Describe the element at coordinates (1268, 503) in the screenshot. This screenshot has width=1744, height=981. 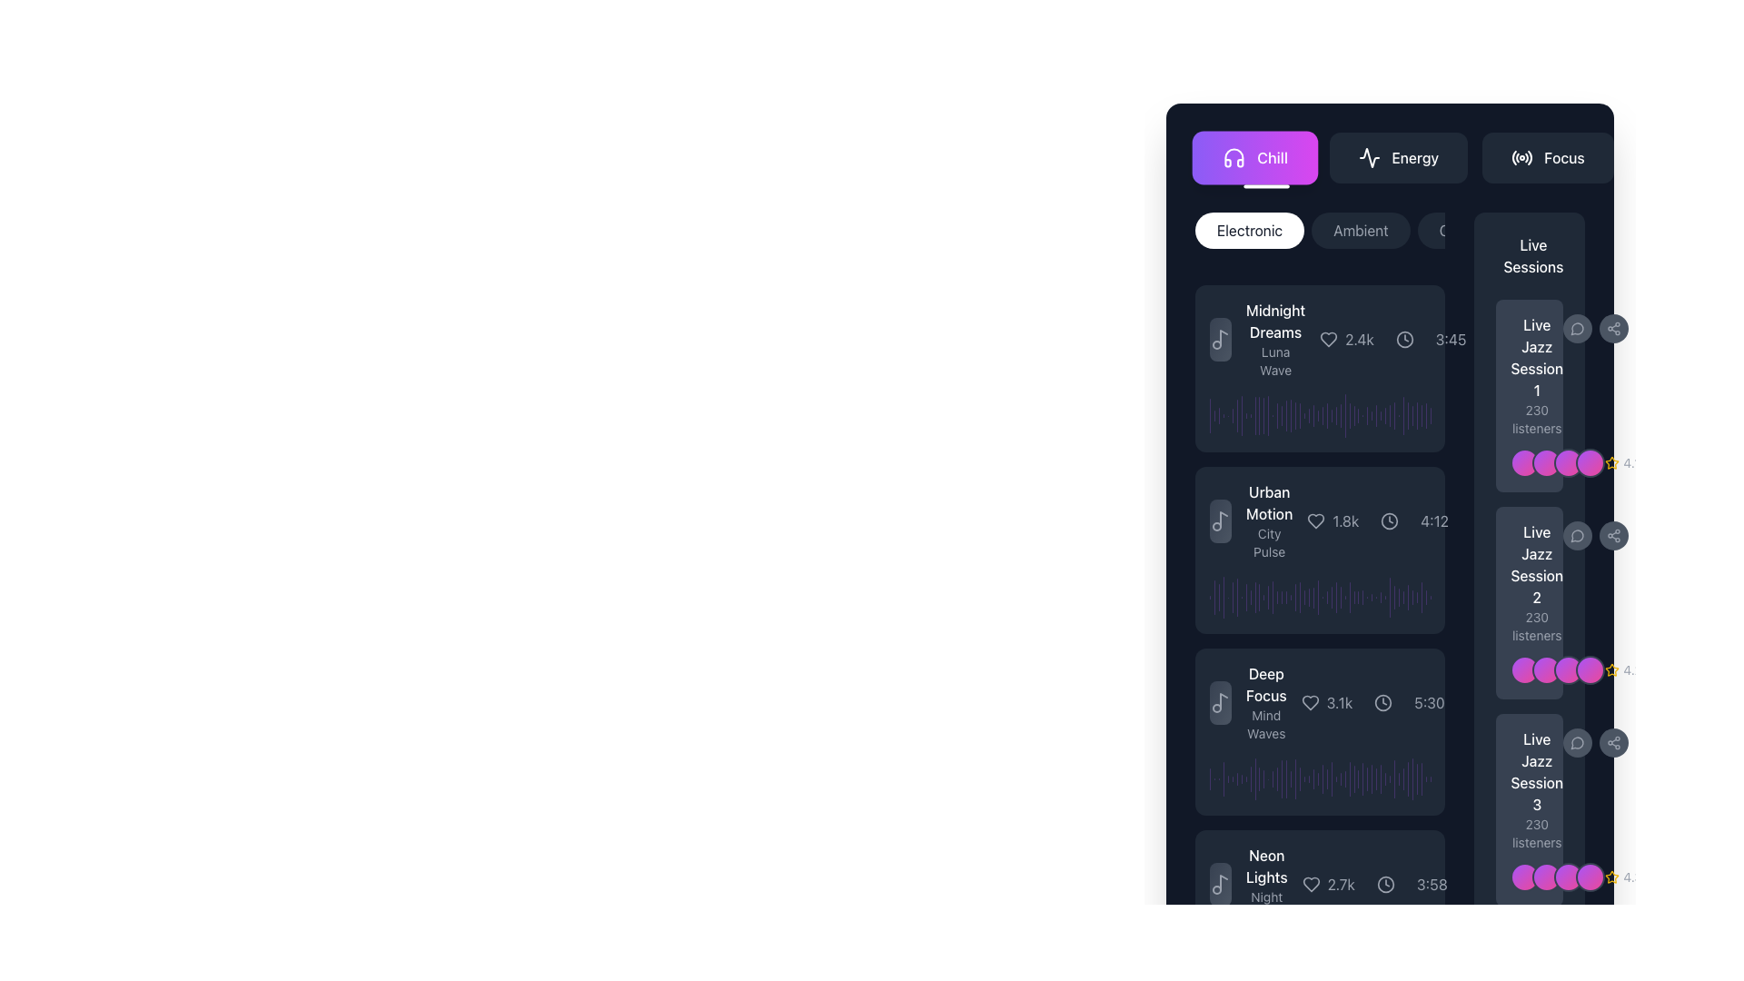
I see `the static text label displaying 'Urban Motion' in white, which is positioned above the 'City Pulse' label in a vertical card layout` at that location.